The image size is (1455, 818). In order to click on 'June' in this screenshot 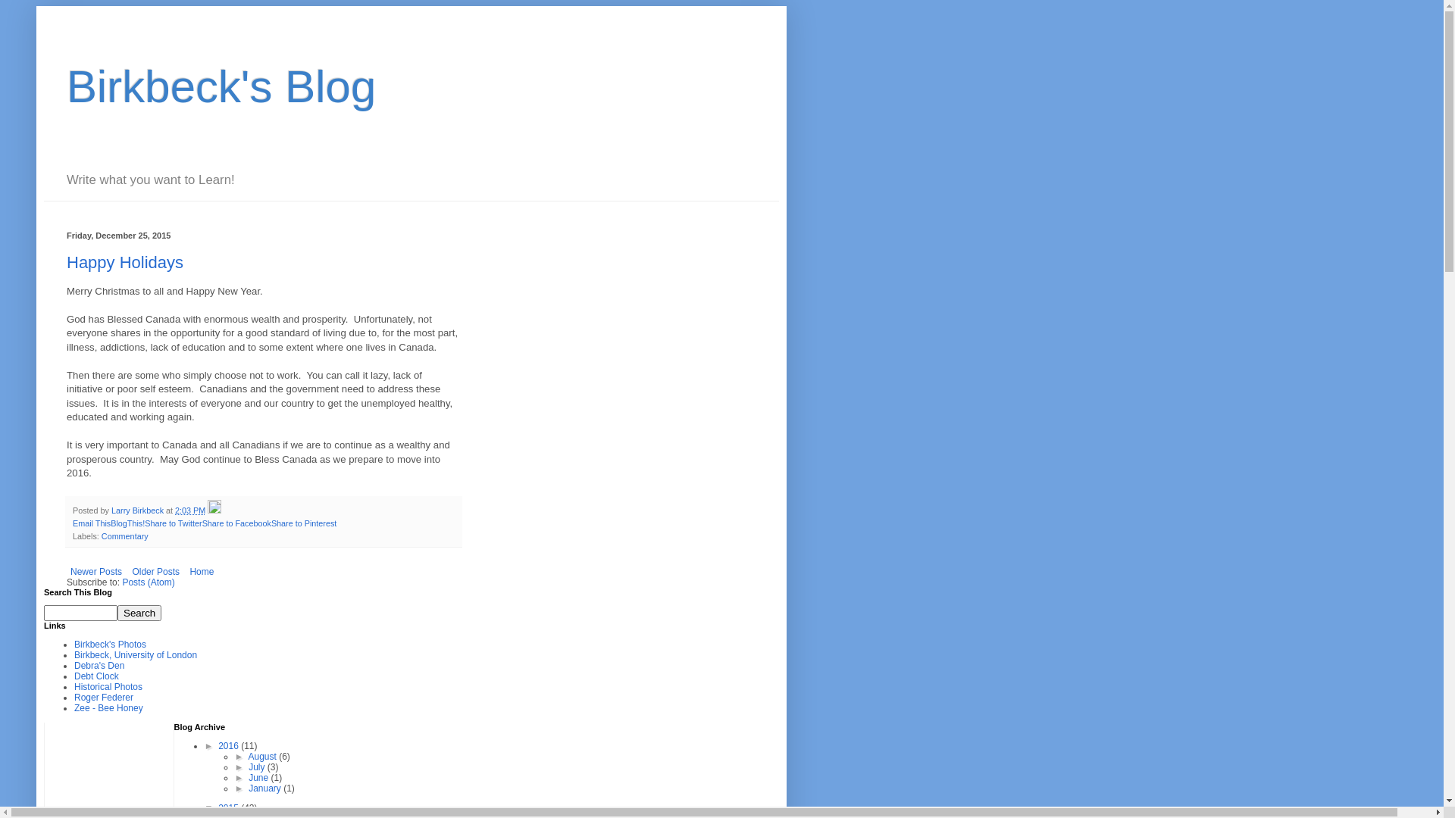, I will do `click(259, 777)`.